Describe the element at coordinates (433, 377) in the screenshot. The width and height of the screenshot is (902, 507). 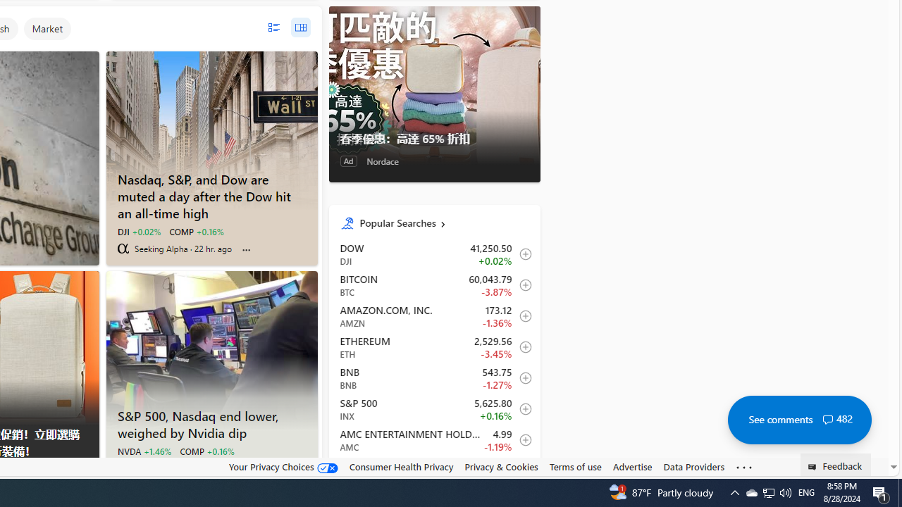
I see `'BNB BNB decrease 543.75 -6.88 -1.27% itemundefined'` at that location.